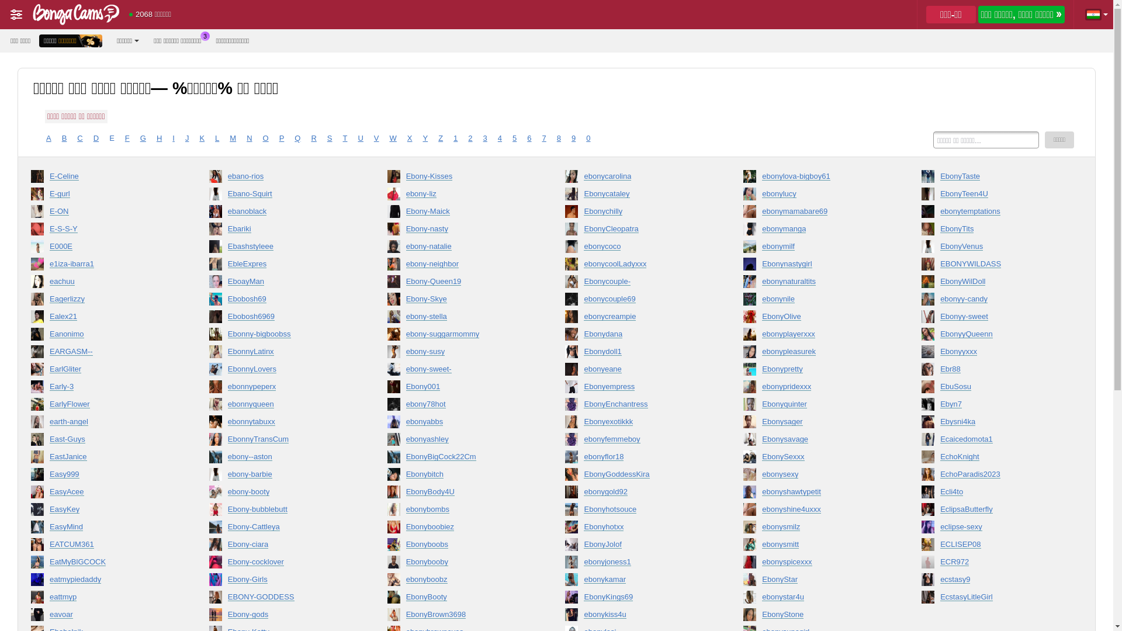  I want to click on 'A', so click(48, 137).